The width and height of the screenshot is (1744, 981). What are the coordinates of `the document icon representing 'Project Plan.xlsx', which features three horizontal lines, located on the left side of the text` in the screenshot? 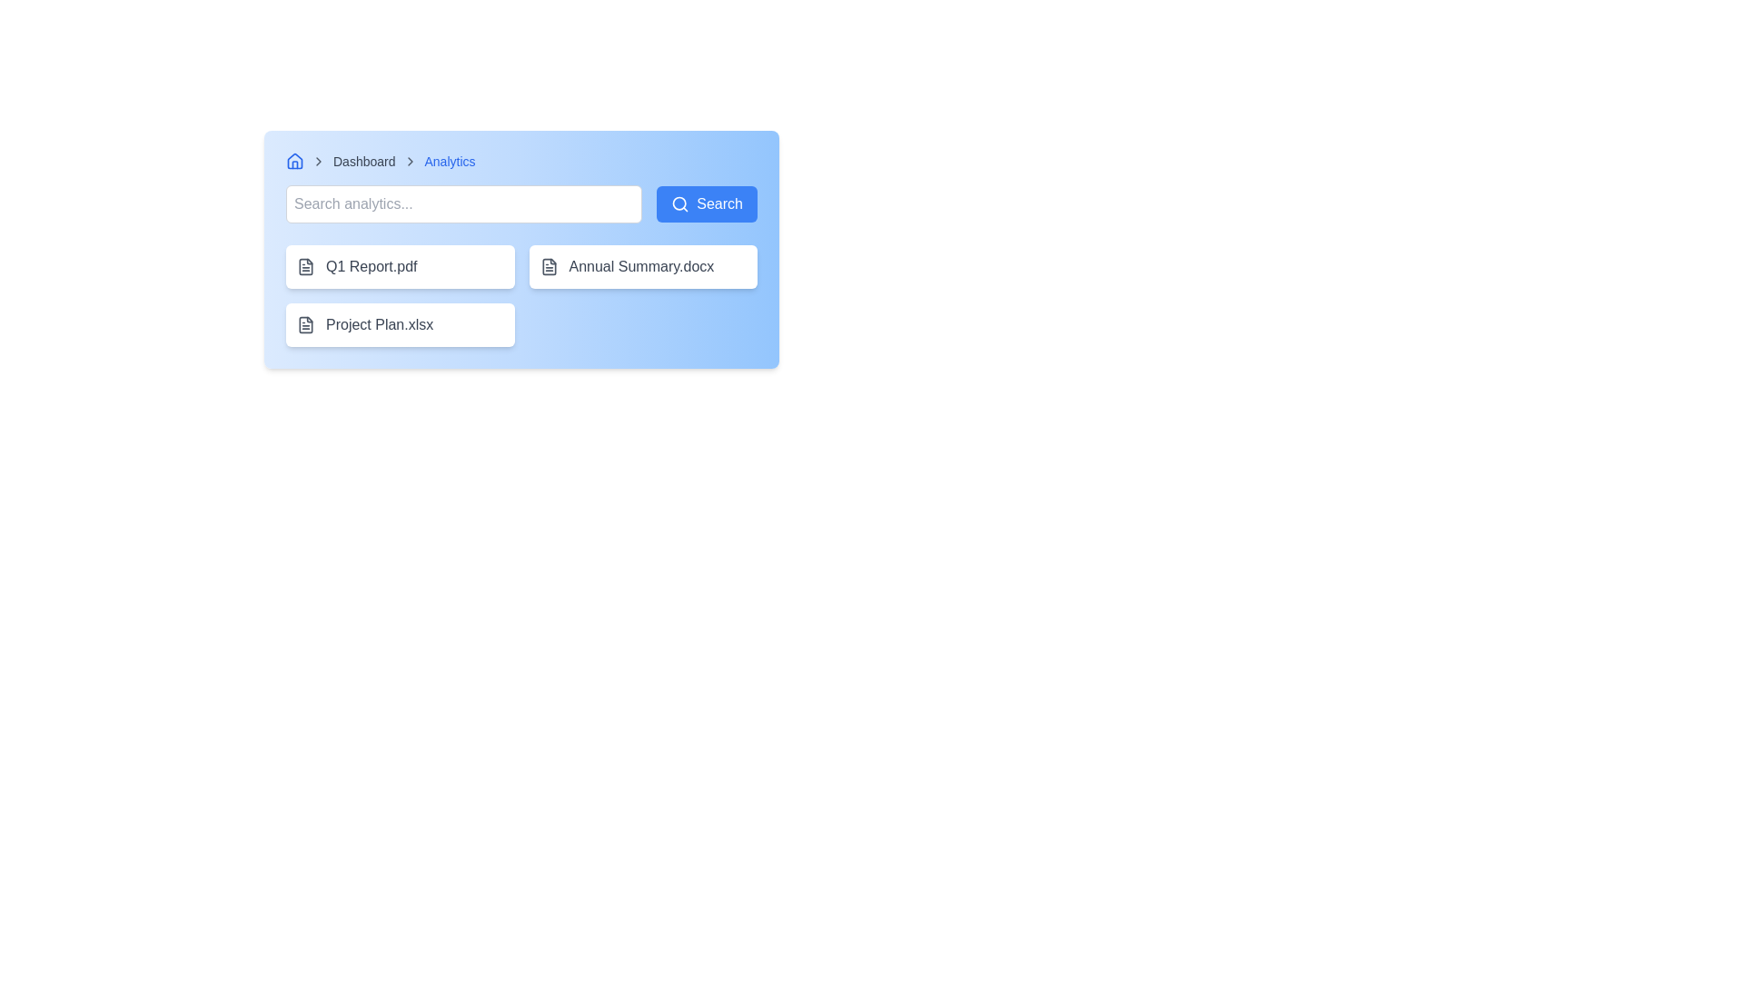 It's located at (305, 324).